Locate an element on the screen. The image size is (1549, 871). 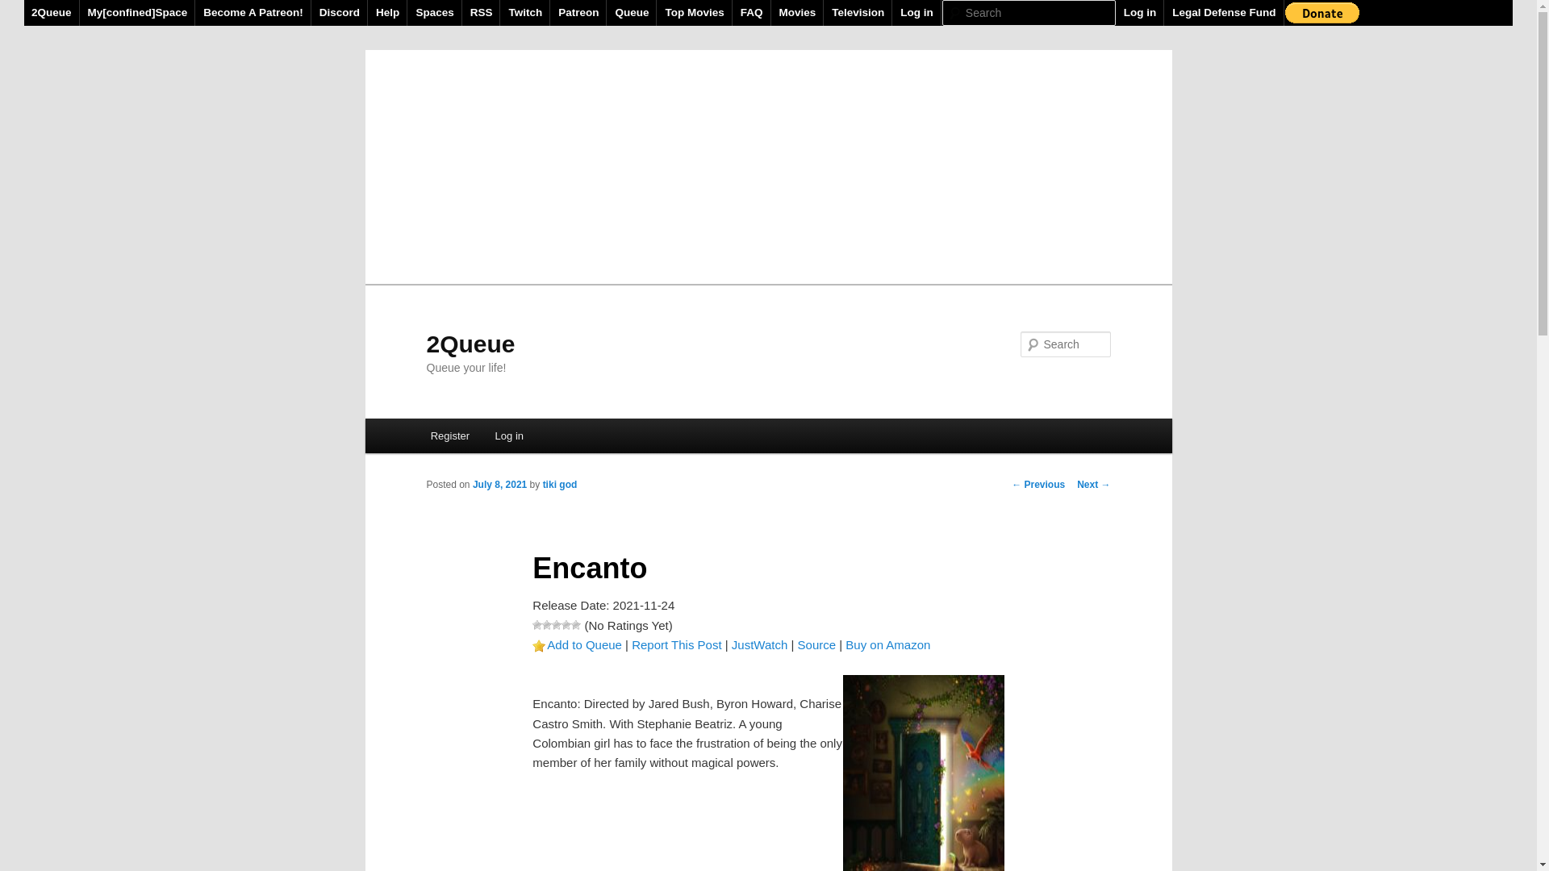
'1 Star' is located at coordinates (537, 624).